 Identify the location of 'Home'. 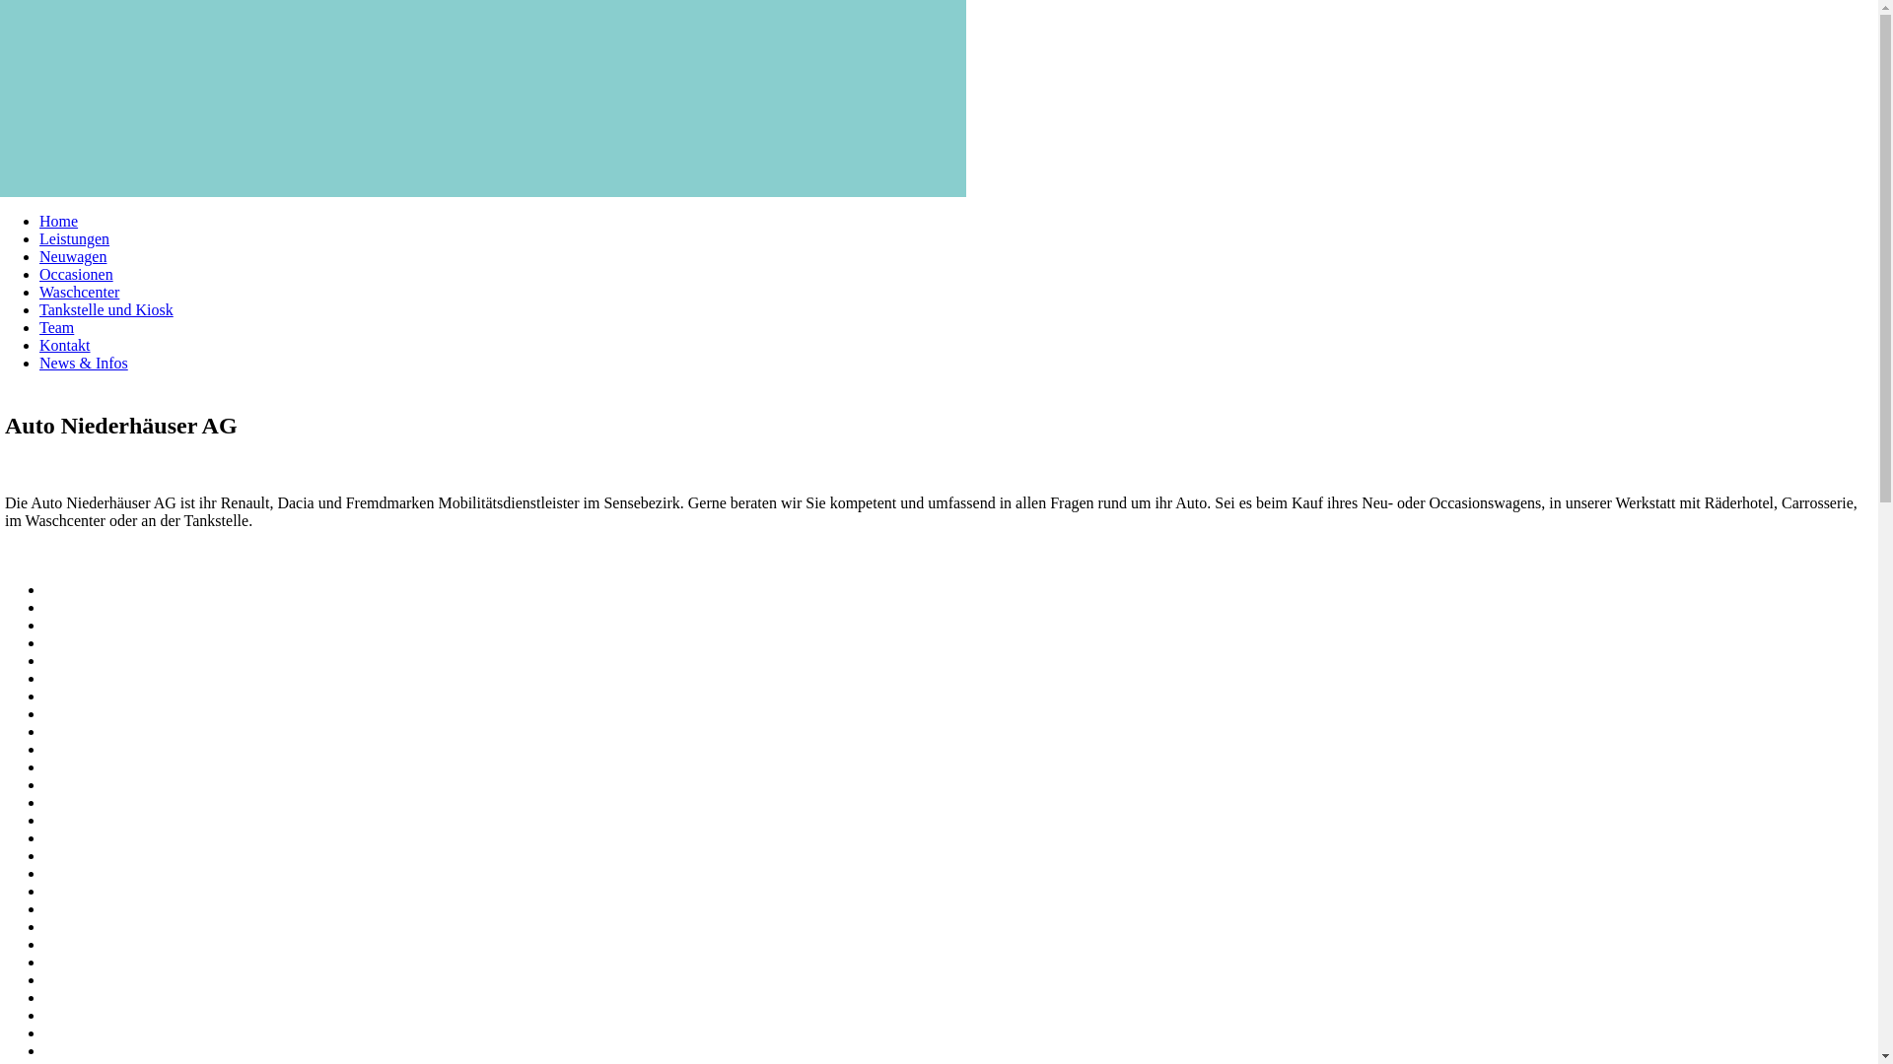
(58, 221).